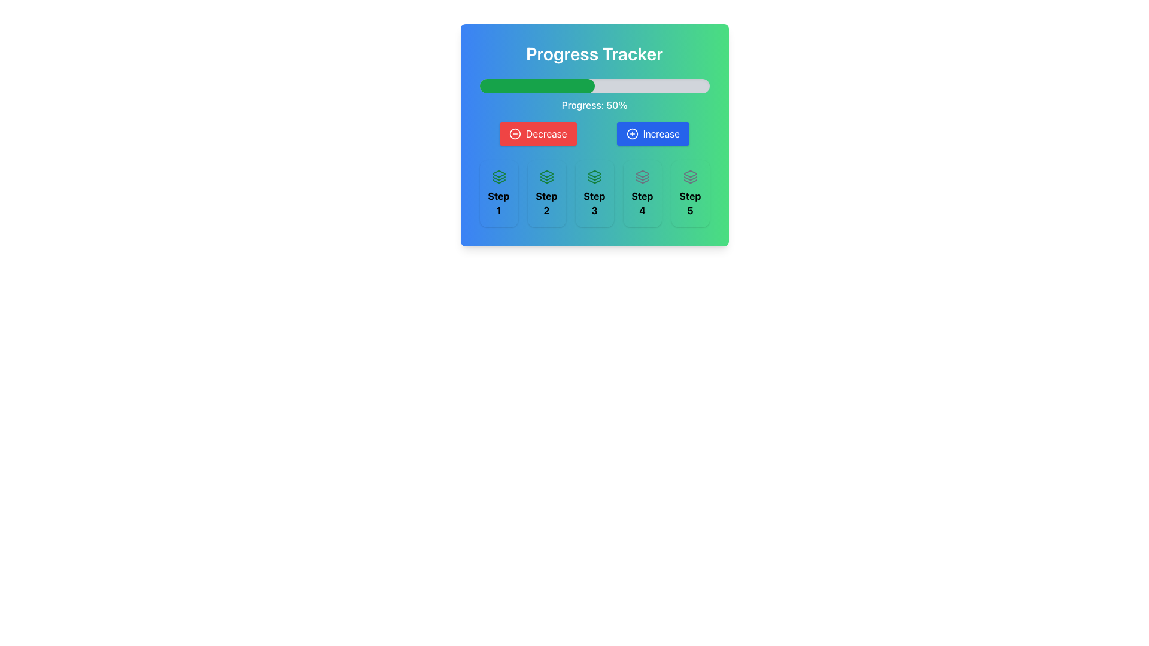  Describe the element at coordinates (536, 85) in the screenshot. I see `the filled section of the progress bar that visually represents the current progress, located centrally within the progress tracking interface` at that location.